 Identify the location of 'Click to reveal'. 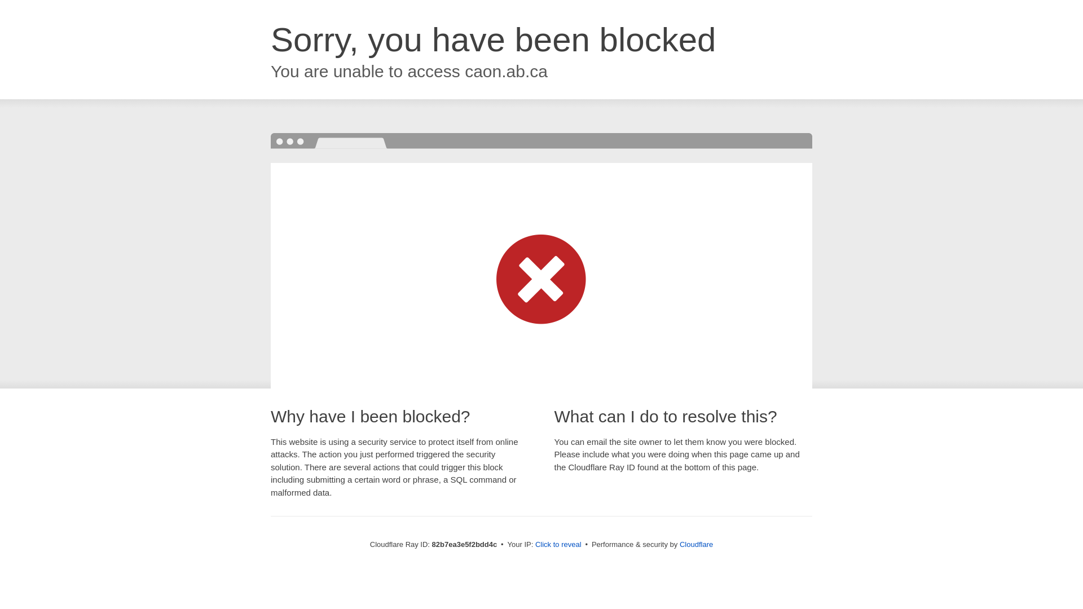
(535, 544).